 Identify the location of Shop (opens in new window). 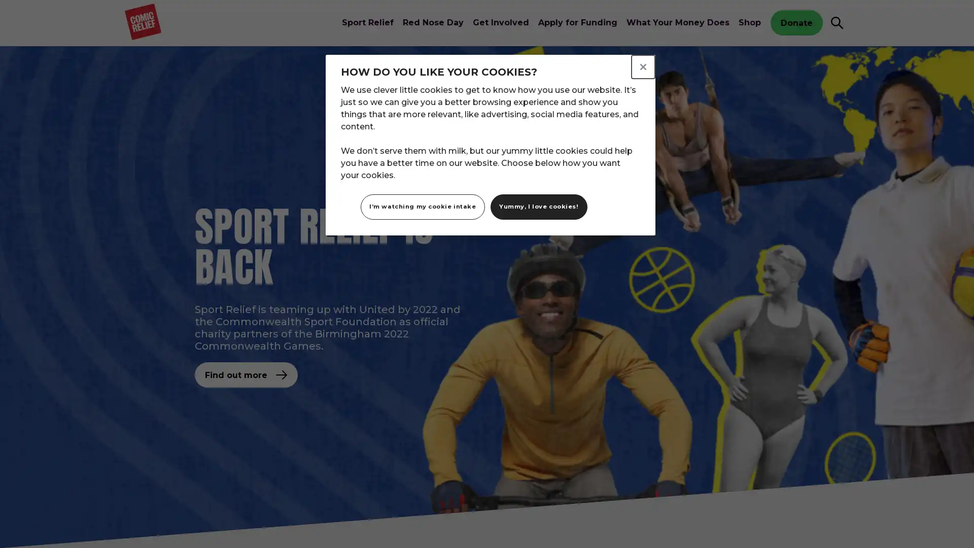
(750, 23).